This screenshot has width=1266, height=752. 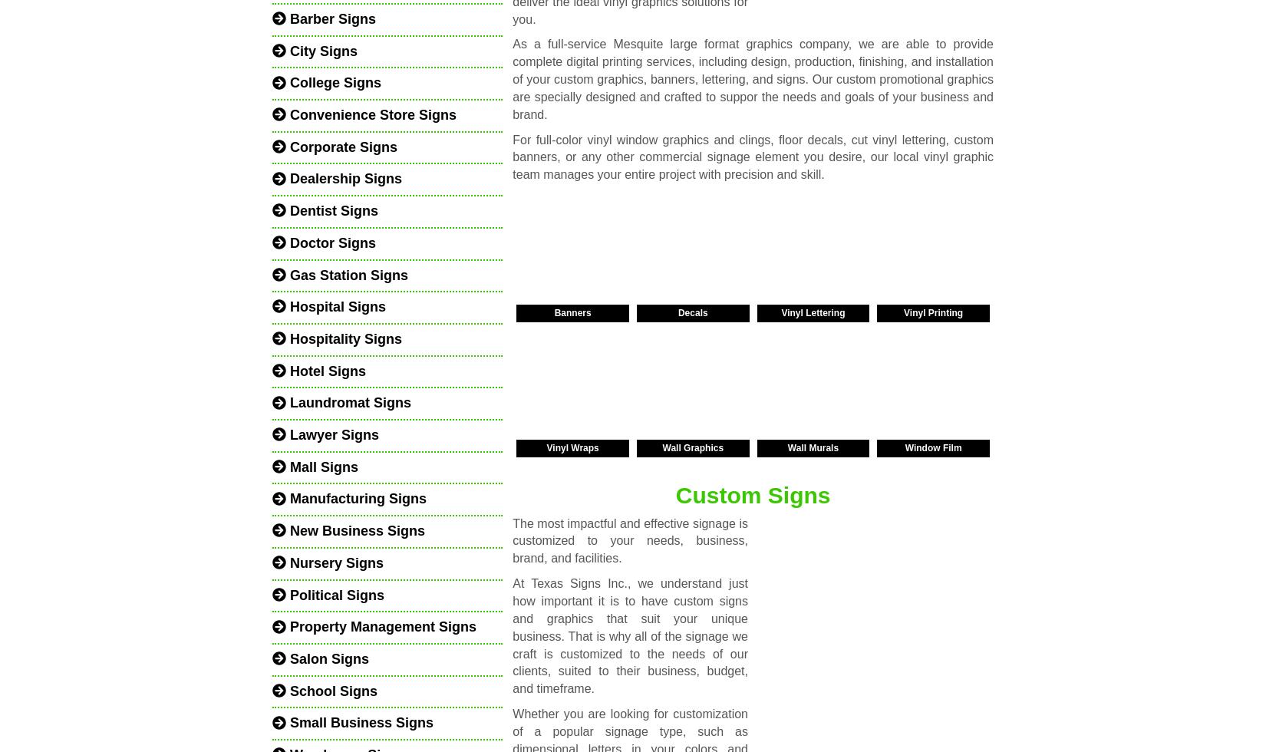 What do you see at coordinates (321, 466) in the screenshot?
I see `'Mall Signs'` at bounding box center [321, 466].